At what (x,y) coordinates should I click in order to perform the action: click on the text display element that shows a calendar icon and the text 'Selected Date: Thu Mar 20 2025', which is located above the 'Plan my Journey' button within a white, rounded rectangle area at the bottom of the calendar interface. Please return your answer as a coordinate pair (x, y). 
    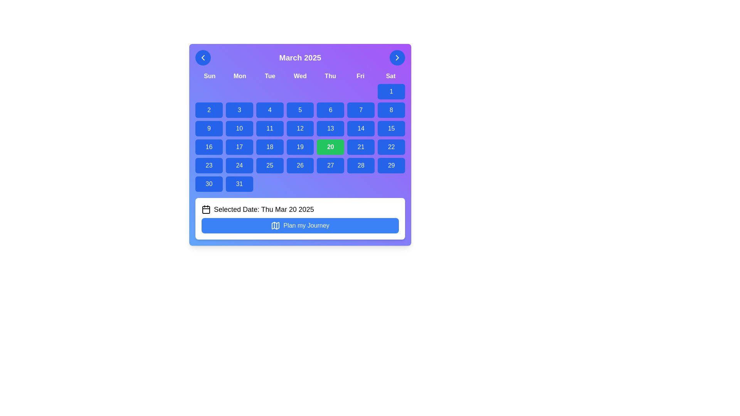
    Looking at the image, I should click on (299, 209).